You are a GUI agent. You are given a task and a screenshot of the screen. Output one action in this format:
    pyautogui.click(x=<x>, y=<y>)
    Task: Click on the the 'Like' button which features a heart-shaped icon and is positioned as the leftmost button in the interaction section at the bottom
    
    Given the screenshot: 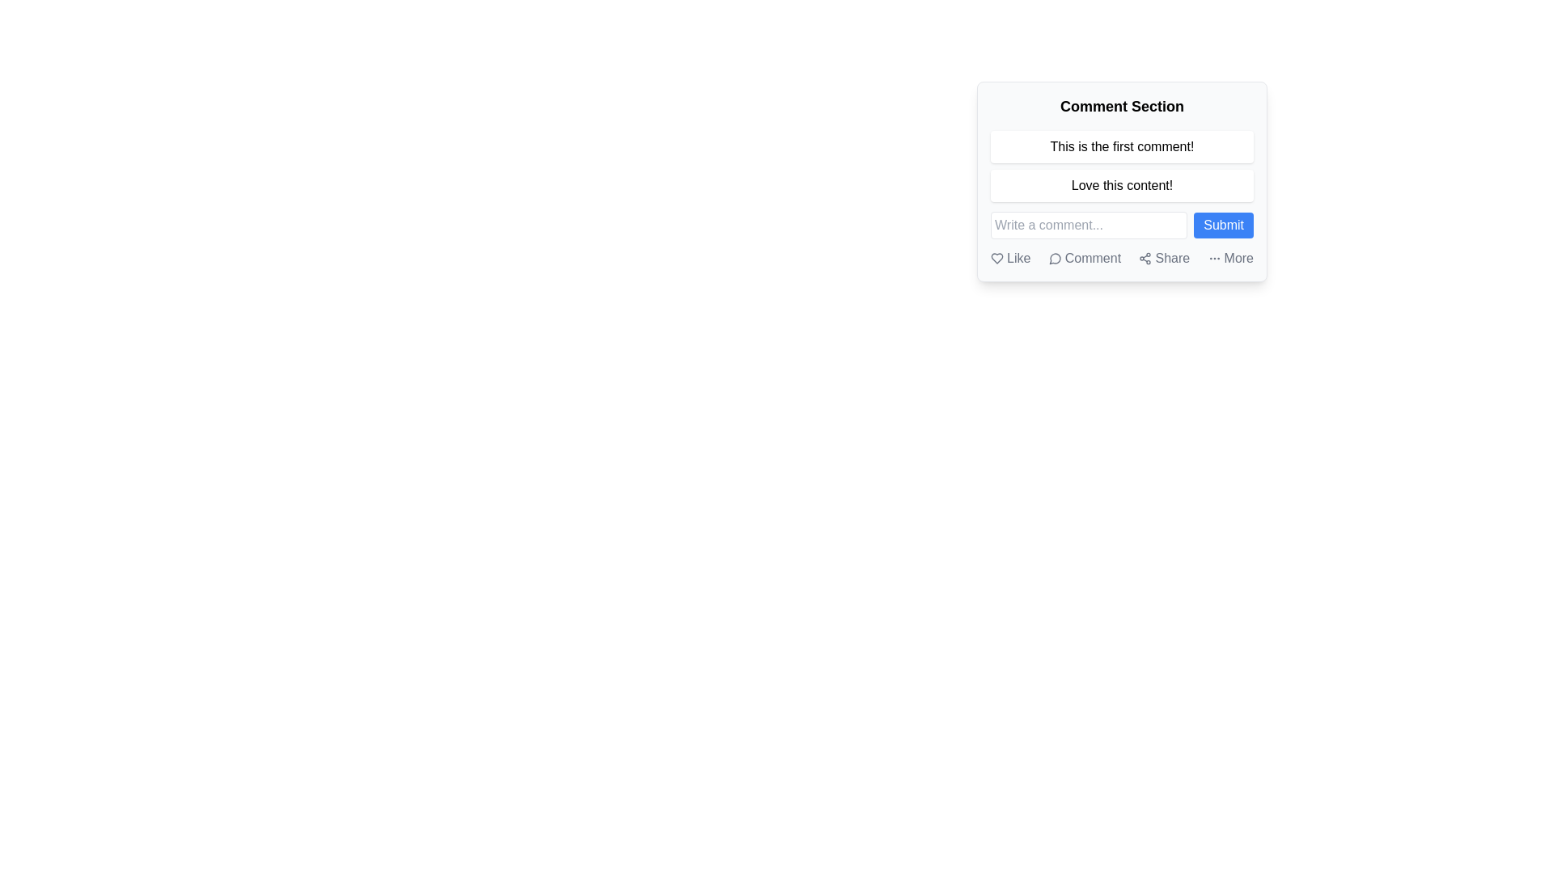 What is the action you would take?
    pyautogui.click(x=1009, y=258)
    